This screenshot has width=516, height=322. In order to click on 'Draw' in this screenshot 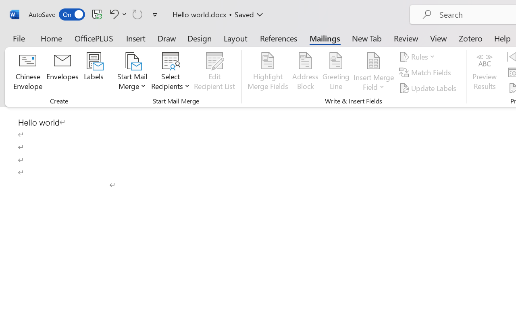, I will do `click(166, 38)`.